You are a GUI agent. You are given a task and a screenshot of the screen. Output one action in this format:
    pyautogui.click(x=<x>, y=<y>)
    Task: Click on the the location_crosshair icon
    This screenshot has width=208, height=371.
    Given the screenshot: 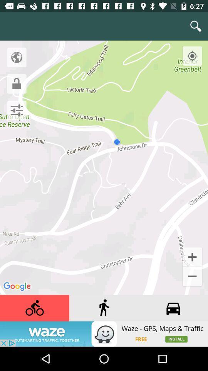 What is the action you would take?
    pyautogui.click(x=199, y=49)
    